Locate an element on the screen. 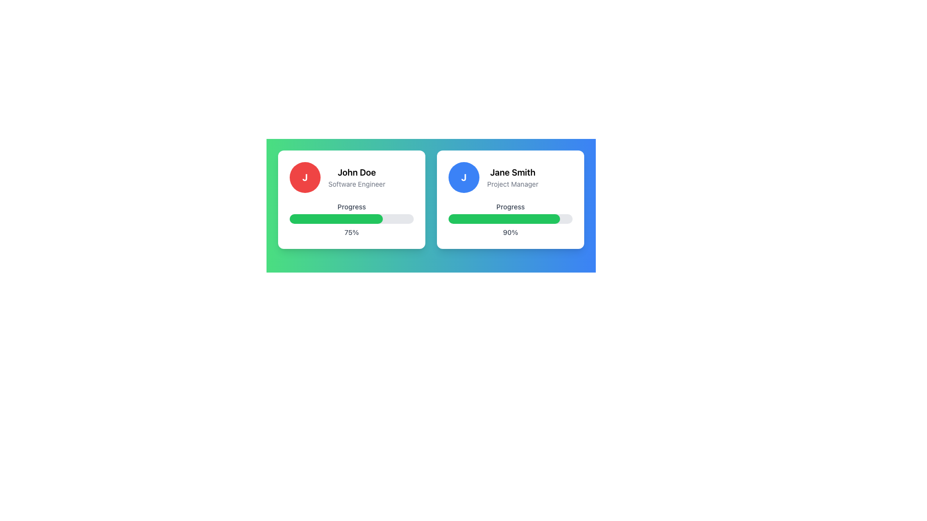 The height and width of the screenshot is (521, 927). the Text Label that indicates the progress metric for the progress bar below, located beneath the title 'Jane Smith' is located at coordinates (510, 206).